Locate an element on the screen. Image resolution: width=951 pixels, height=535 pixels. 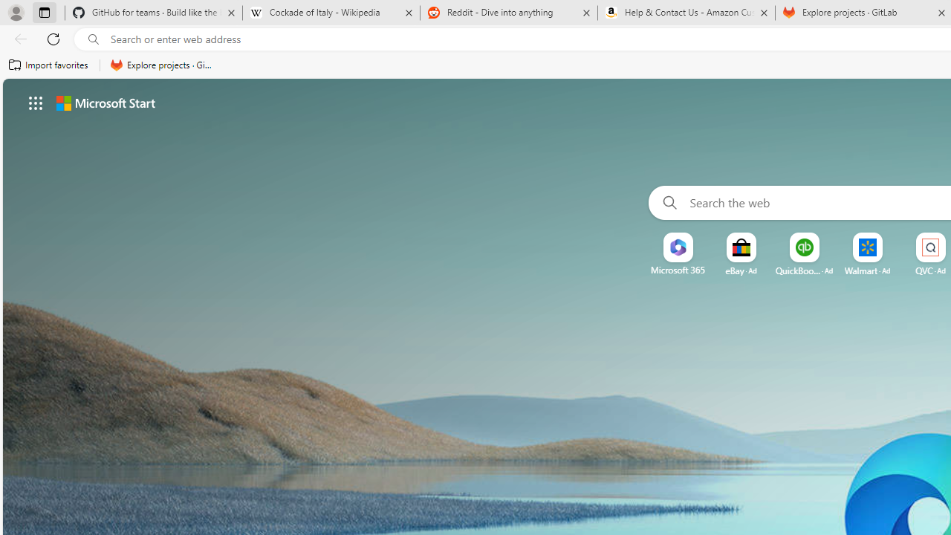
'Ad' is located at coordinates (941, 270).